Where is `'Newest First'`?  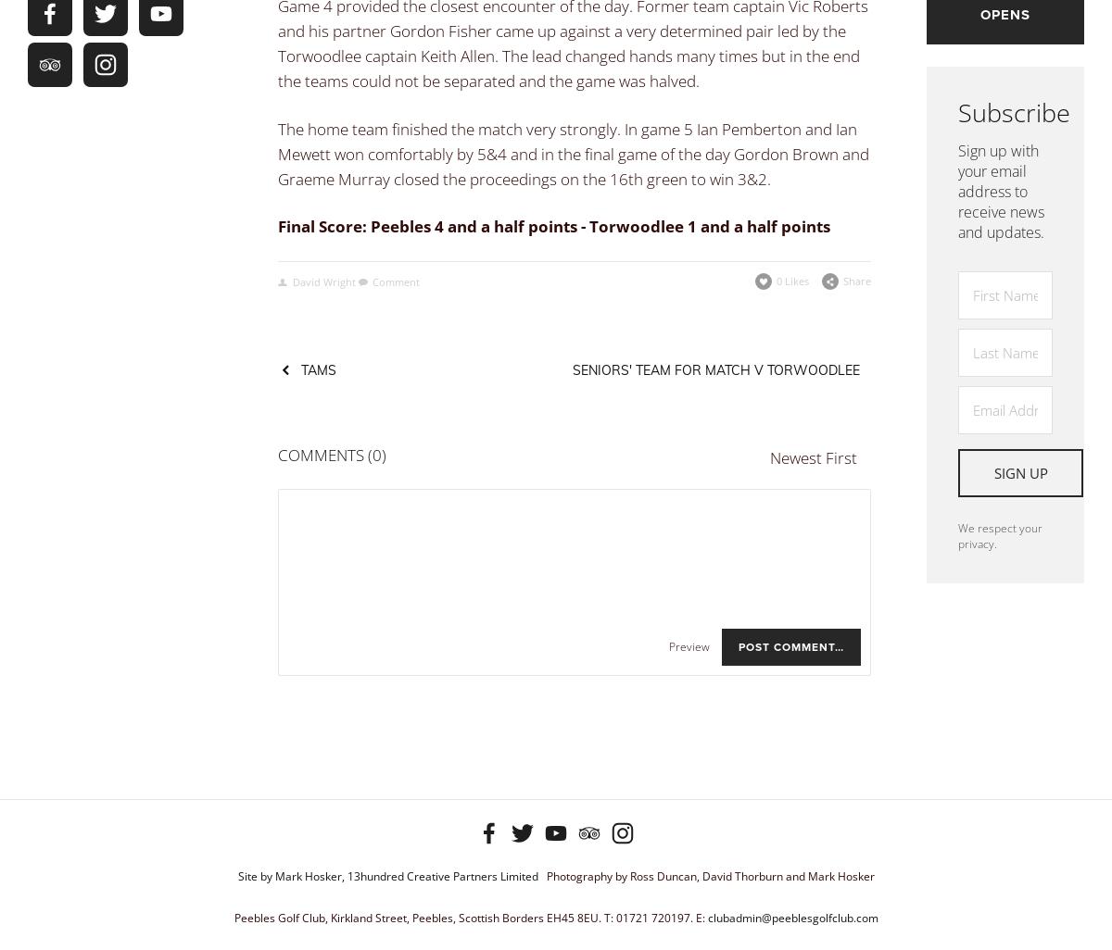
'Newest First' is located at coordinates (769, 456).